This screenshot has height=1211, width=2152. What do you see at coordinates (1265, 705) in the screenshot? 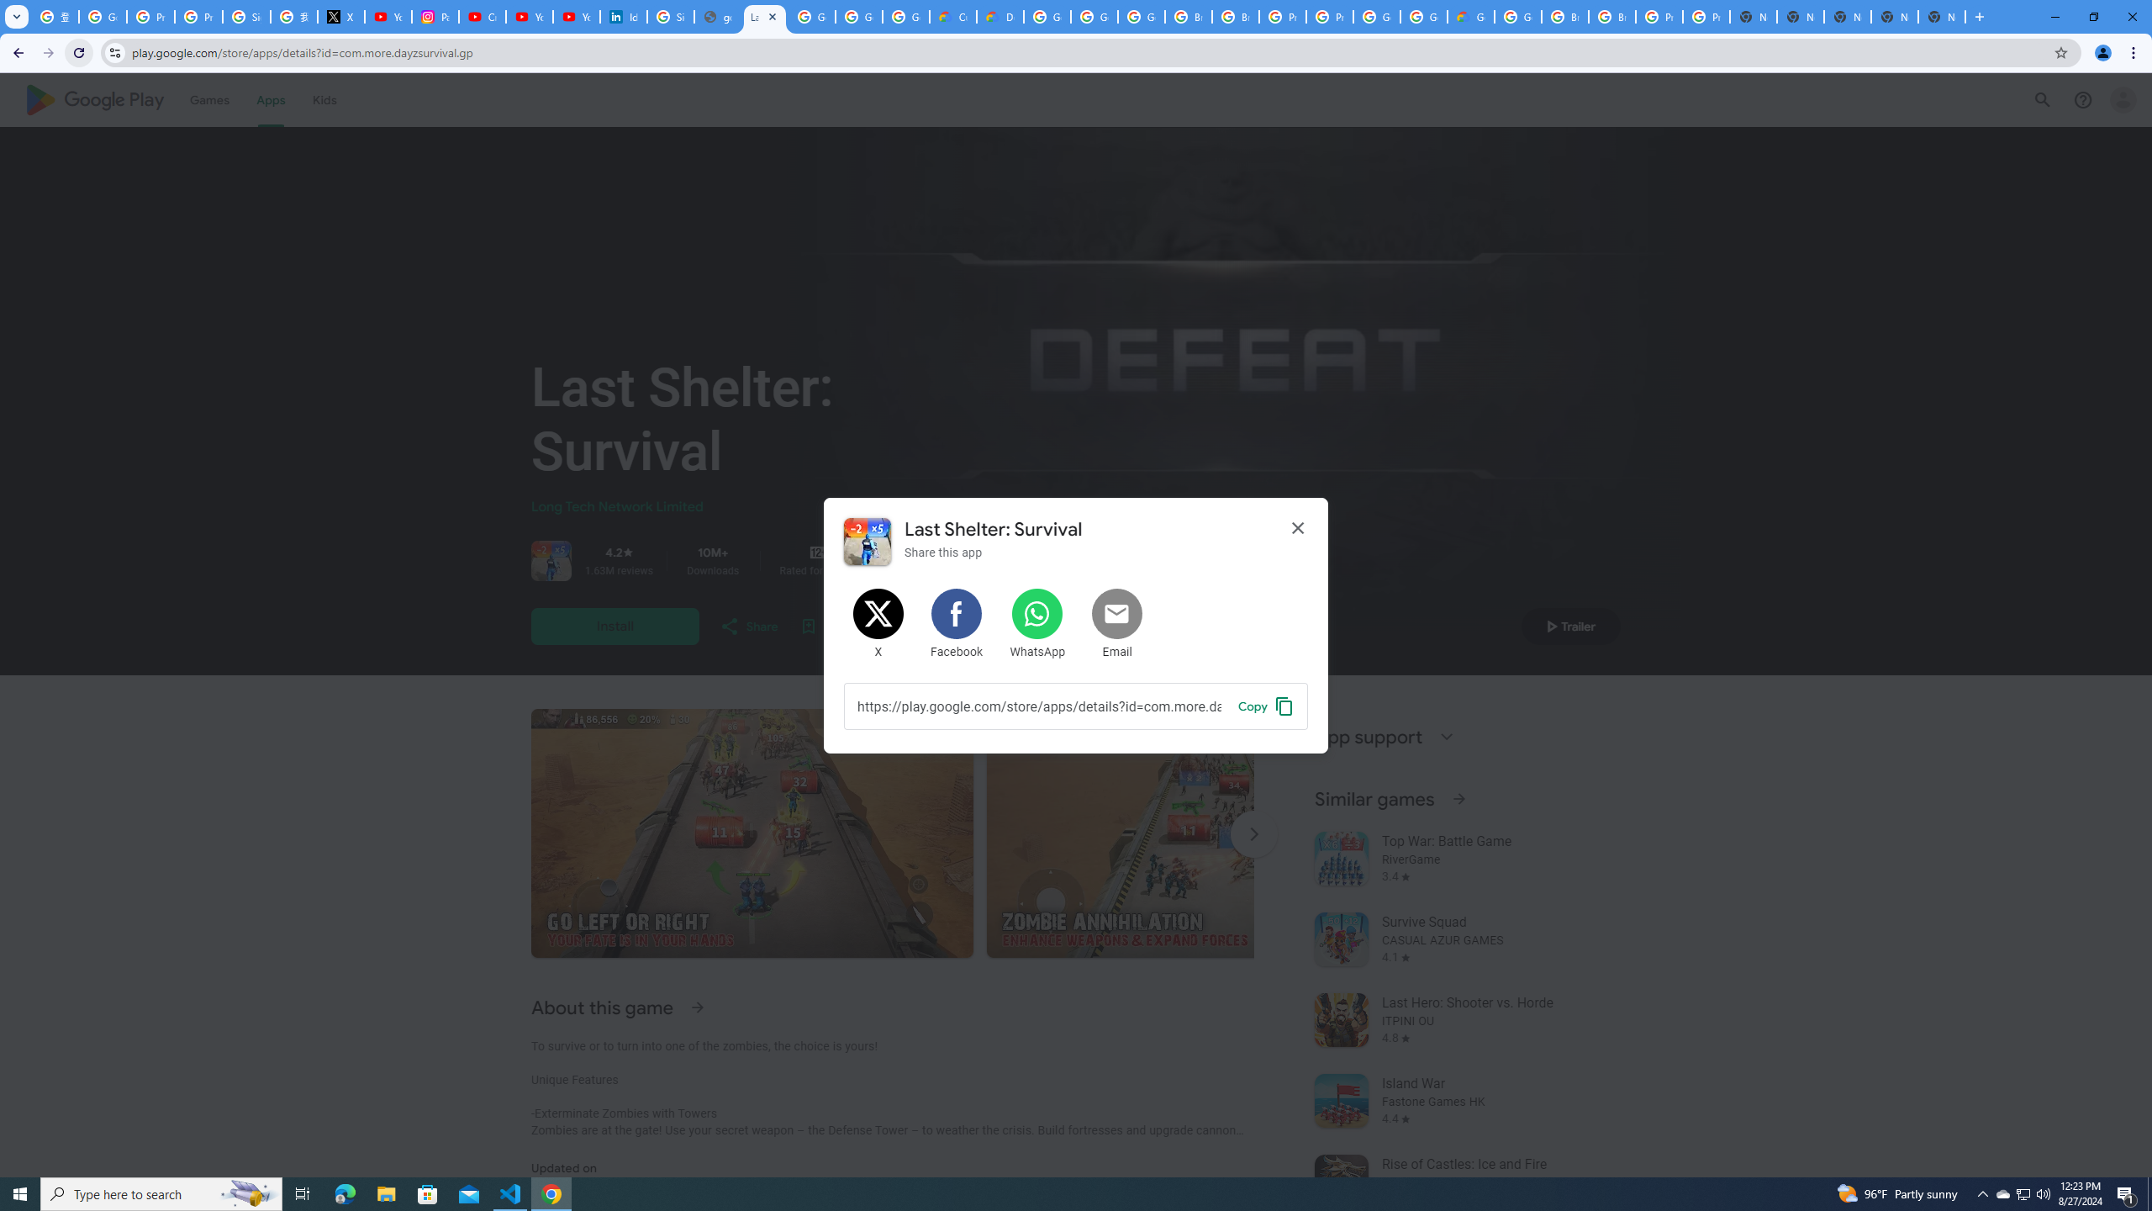
I see `'Copy link to clipboard'` at bounding box center [1265, 705].